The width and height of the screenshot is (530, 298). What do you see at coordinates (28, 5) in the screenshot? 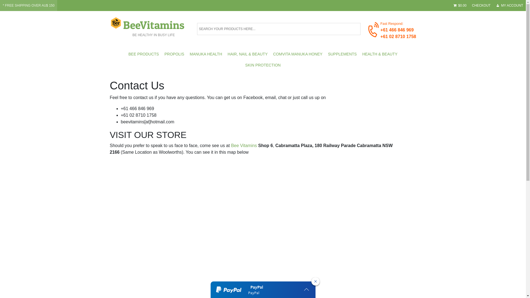
I see `'* FREE SHIPPING OVER AU$ 150'` at bounding box center [28, 5].